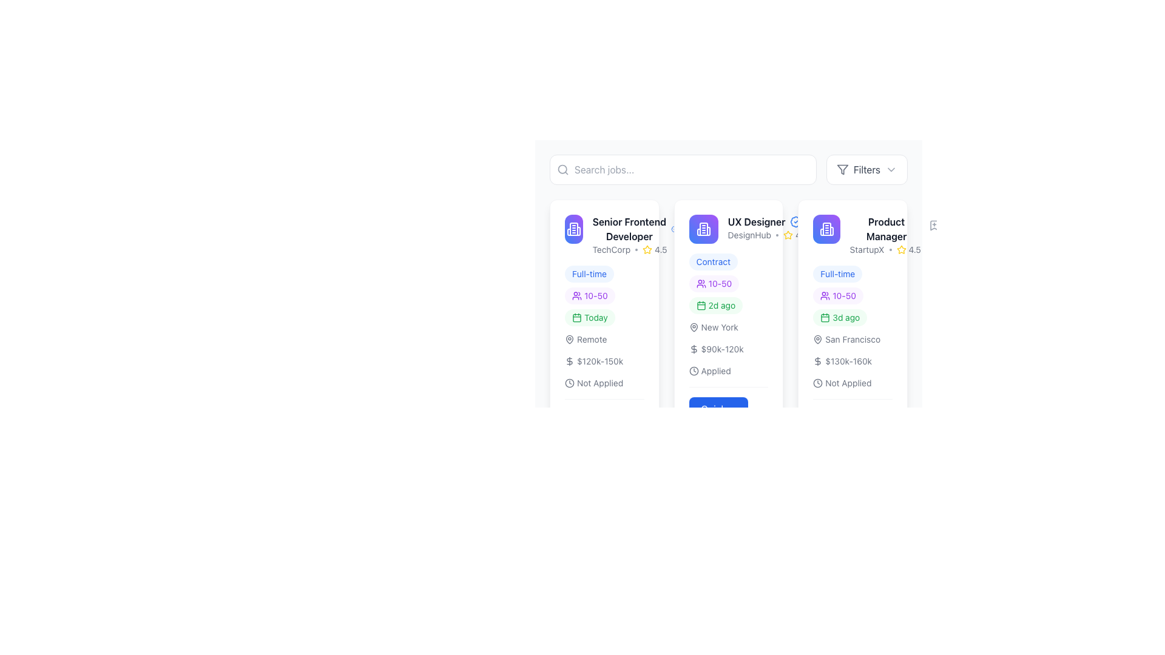  I want to click on the approved status icon located to the right of the 'UX Designer' label within the card in the second column of the grid layout, so click(796, 222).